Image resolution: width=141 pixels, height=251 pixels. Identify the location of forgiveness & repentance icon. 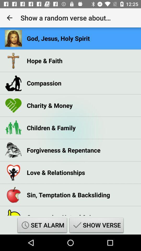
(63, 150).